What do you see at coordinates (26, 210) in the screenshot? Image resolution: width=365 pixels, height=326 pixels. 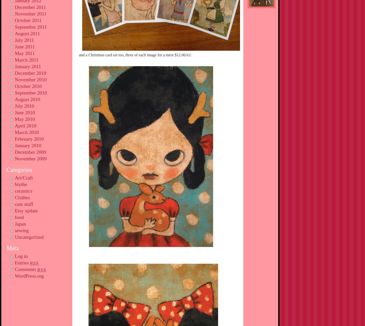 I see `'Etsy update'` at bounding box center [26, 210].